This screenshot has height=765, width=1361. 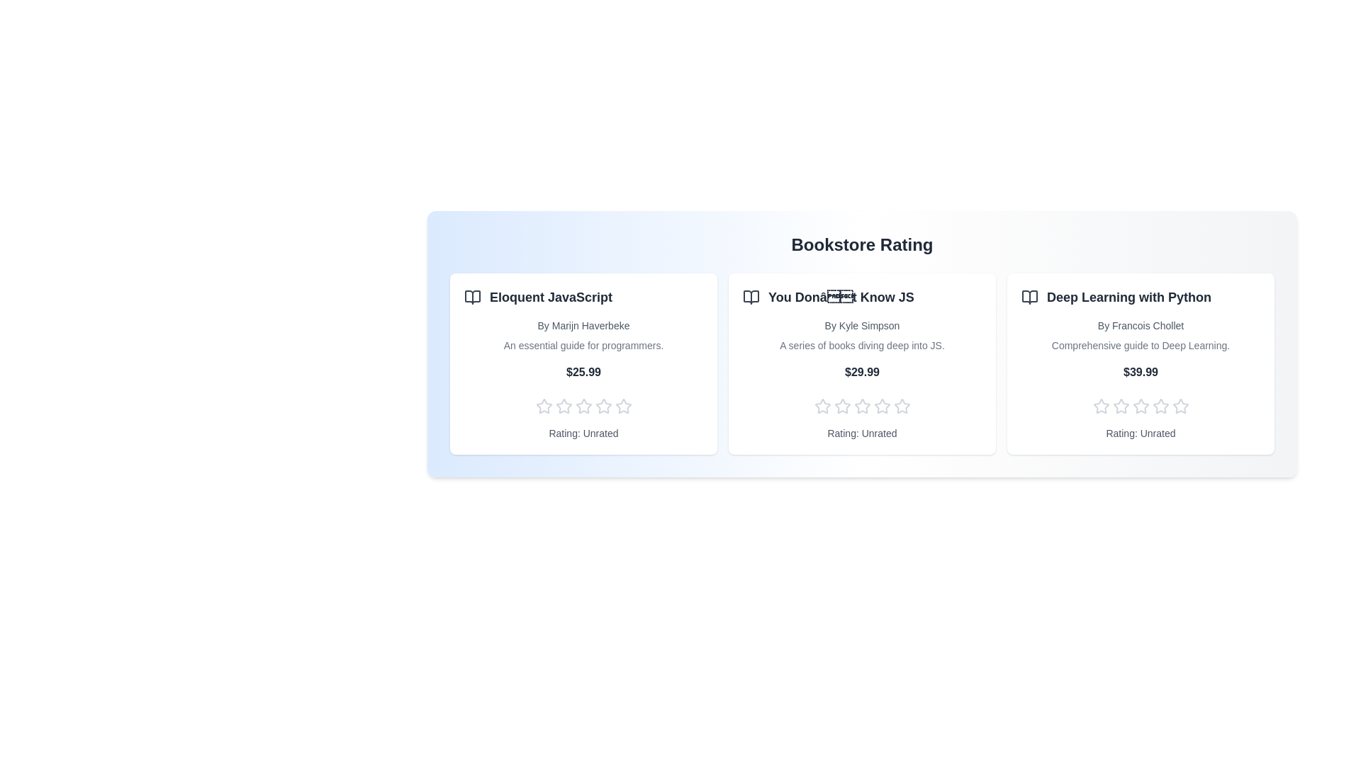 I want to click on the rating of a book to 3 stars by clicking on the corresponding star, so click(x=583, y=407).